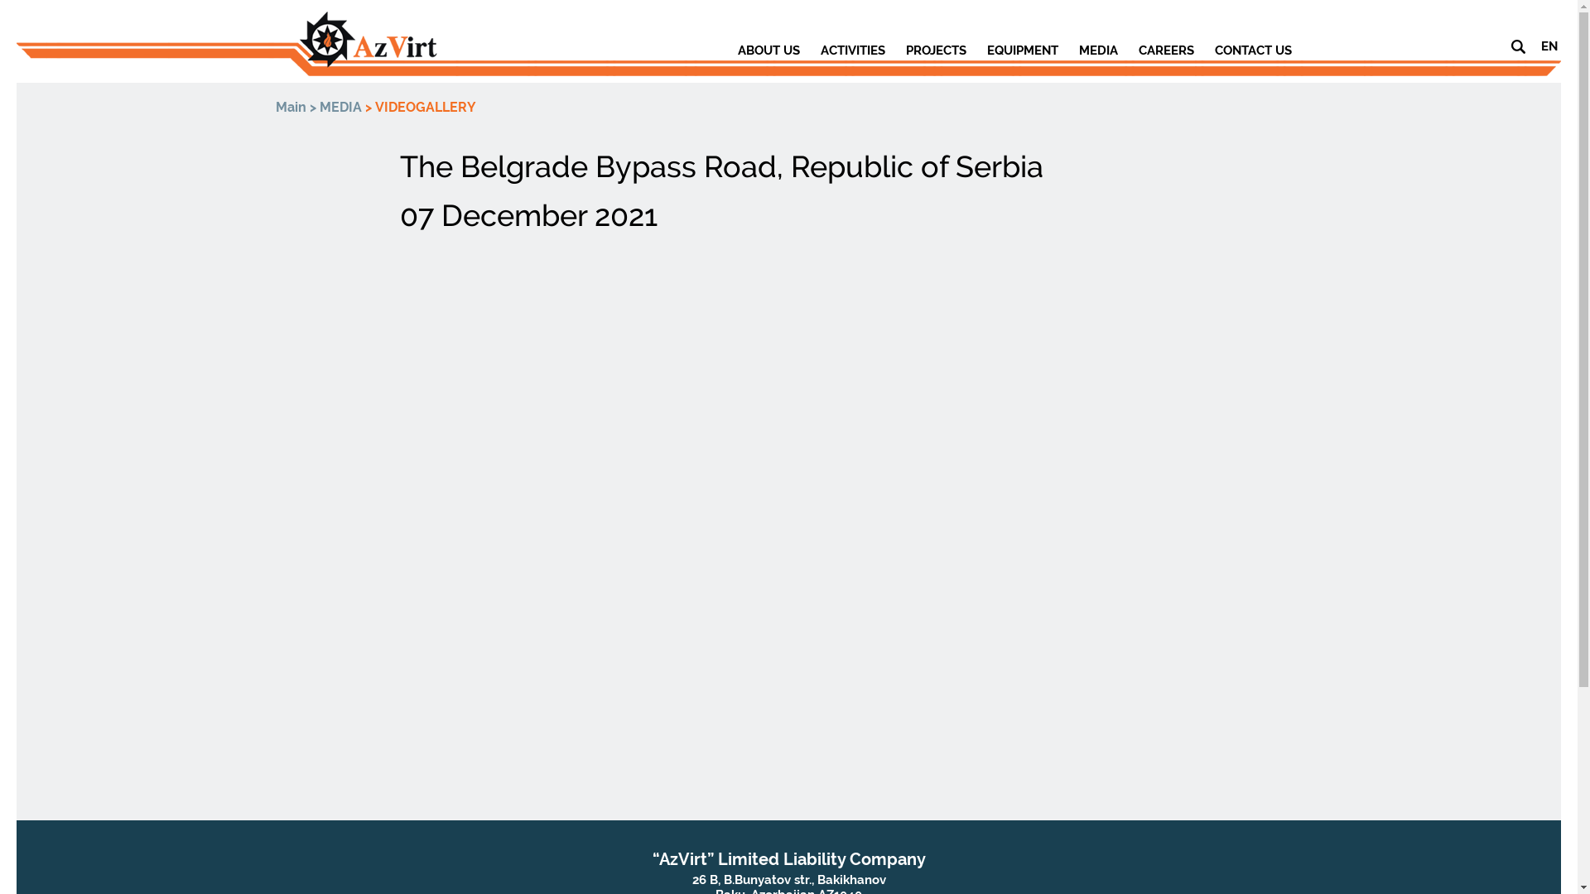 This screenshot has height=894, width=1590. I want to click on 'CAREERS', so click(1164, 50).